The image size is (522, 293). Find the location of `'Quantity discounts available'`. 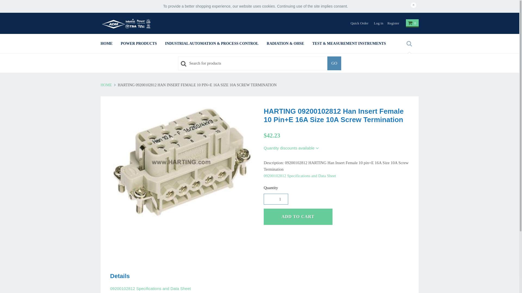

'Quantity discounts available' is located at coordinates (291, 148).